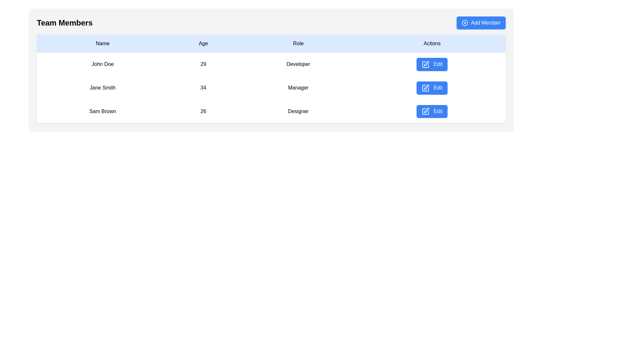 The image size is (620, 349). Describe the element at coordinates (432, 44) in the screenshot. I see `the text label 'Actions' in the fourth column header of the table, which is styled with medium weight typography on a light blue background` at that location.